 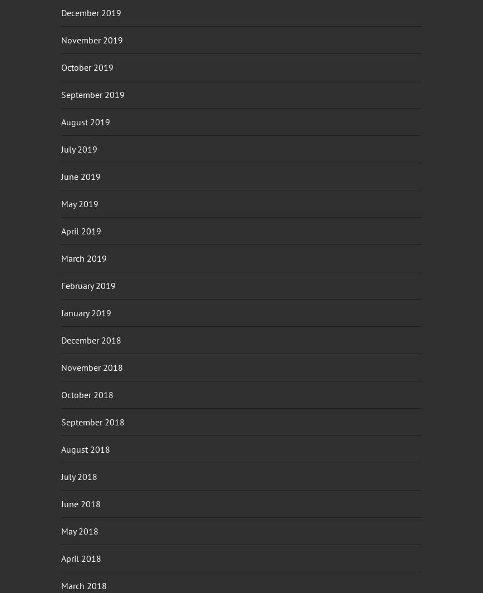 I want to click on 'May 2018', so click(x=80, y=530).